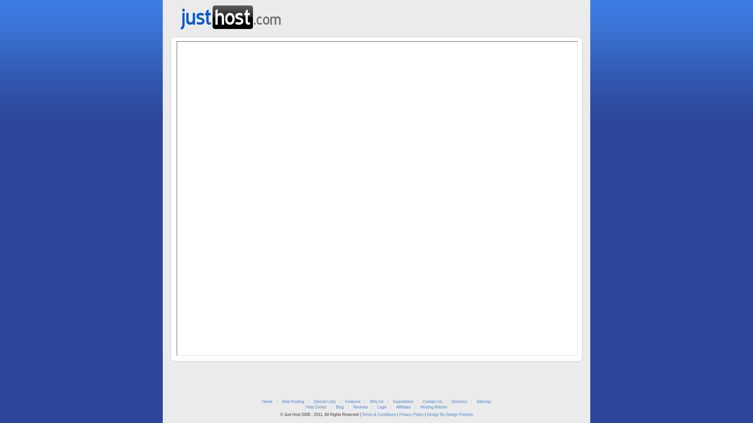 This screenshot has height=423, width=753. What do you see at coordinates (282, 401) in the screenshot?
I see `'Web Hosting'` at bounding box center [282, 401].